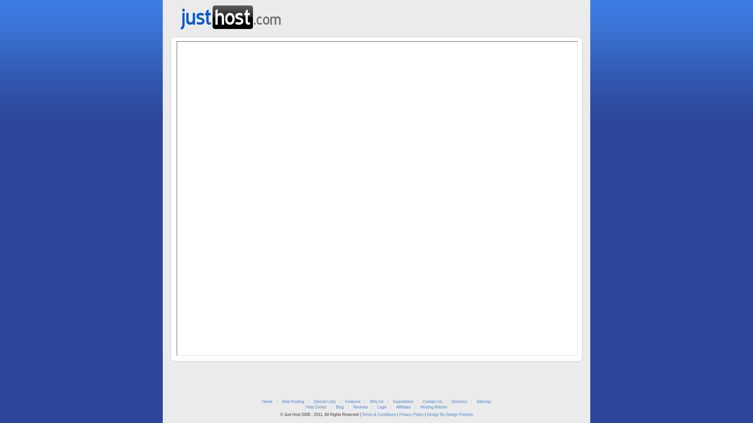 This screenshot has height=423, width=753. What do you see at coordinates (282, 401) in the screenshot?
I see `'Web Hosting'` at bounding box center [282, 401].